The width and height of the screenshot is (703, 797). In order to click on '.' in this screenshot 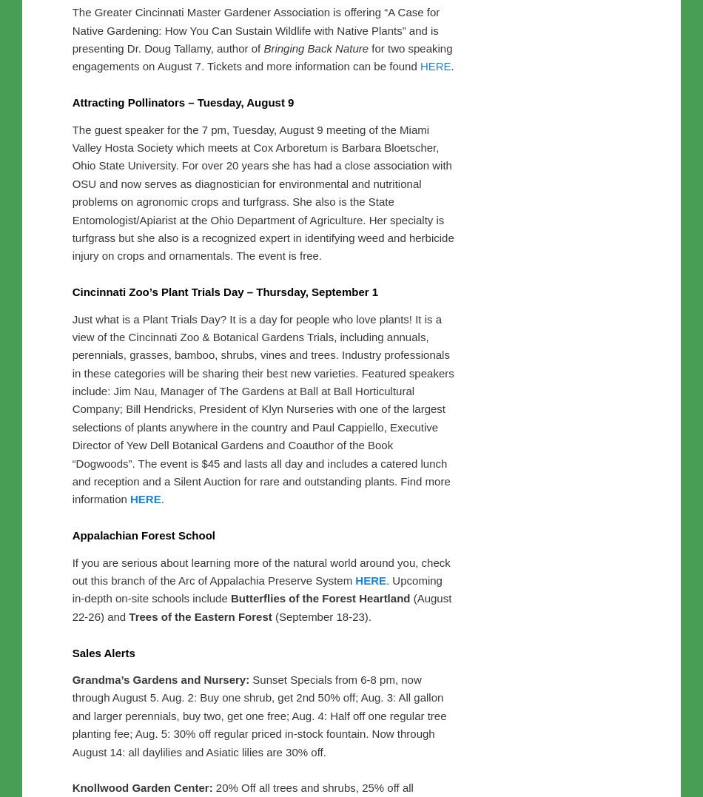, I will do `click(452, 375)`.